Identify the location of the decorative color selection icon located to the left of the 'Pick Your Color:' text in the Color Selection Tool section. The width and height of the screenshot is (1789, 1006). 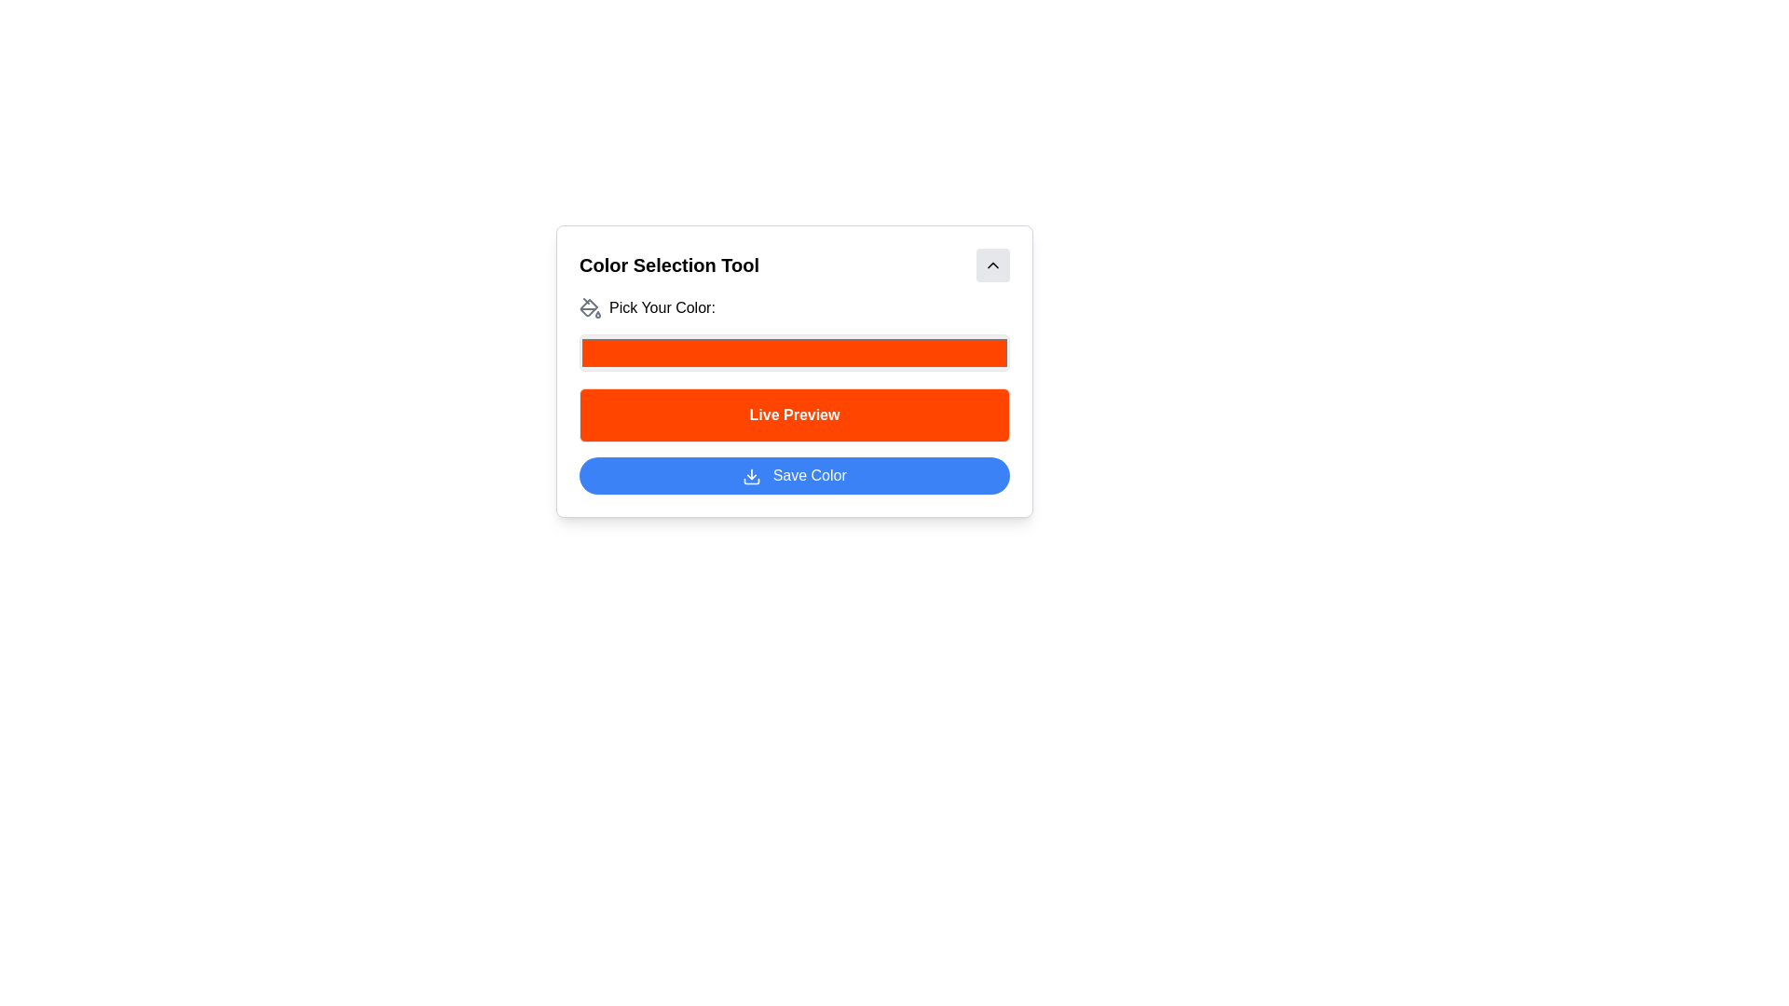
(589, 307).